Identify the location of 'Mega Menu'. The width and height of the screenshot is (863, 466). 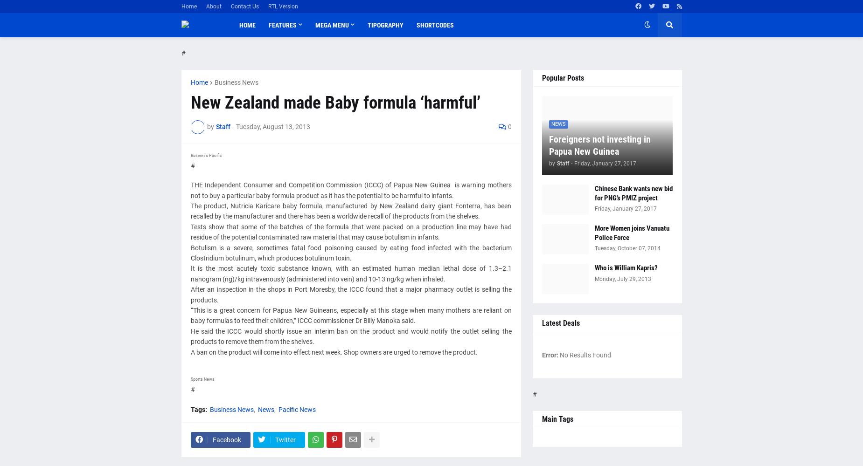
(331, 25).